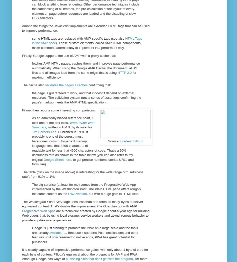  What do you see at coordinates (84, 75) in the screenshot?
I see `'for maximum efficiency.'` at bounding box center [84, 75].